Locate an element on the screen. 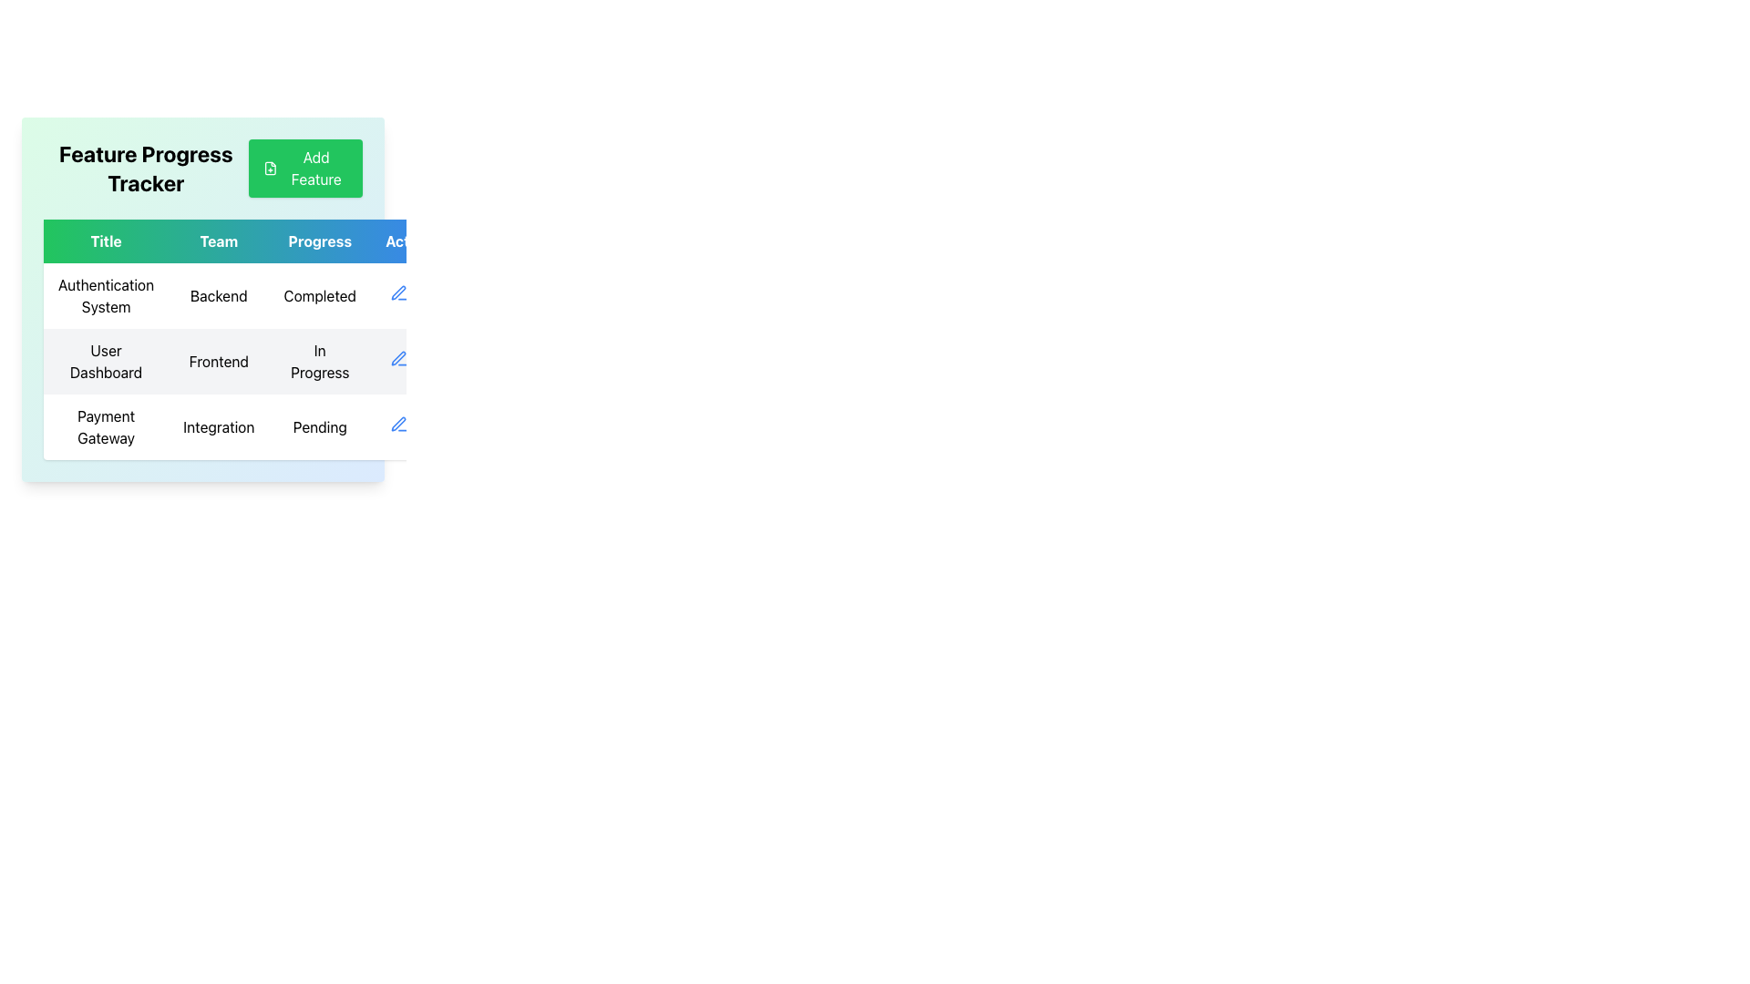  the header text label that indicates the column for team-related data, located centrally between the 'Title' and 'Progress' labels in the table header is located at coordinates (219, 241).